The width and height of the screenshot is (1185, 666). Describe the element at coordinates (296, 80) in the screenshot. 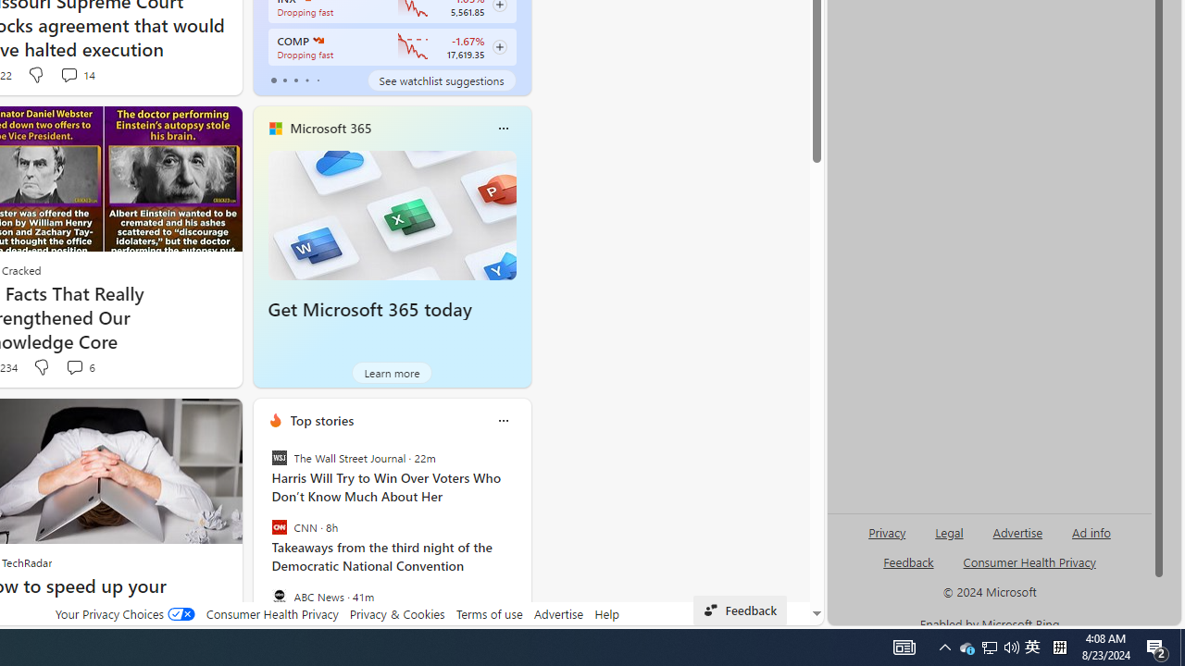

I see `'tab-2'` at that location.